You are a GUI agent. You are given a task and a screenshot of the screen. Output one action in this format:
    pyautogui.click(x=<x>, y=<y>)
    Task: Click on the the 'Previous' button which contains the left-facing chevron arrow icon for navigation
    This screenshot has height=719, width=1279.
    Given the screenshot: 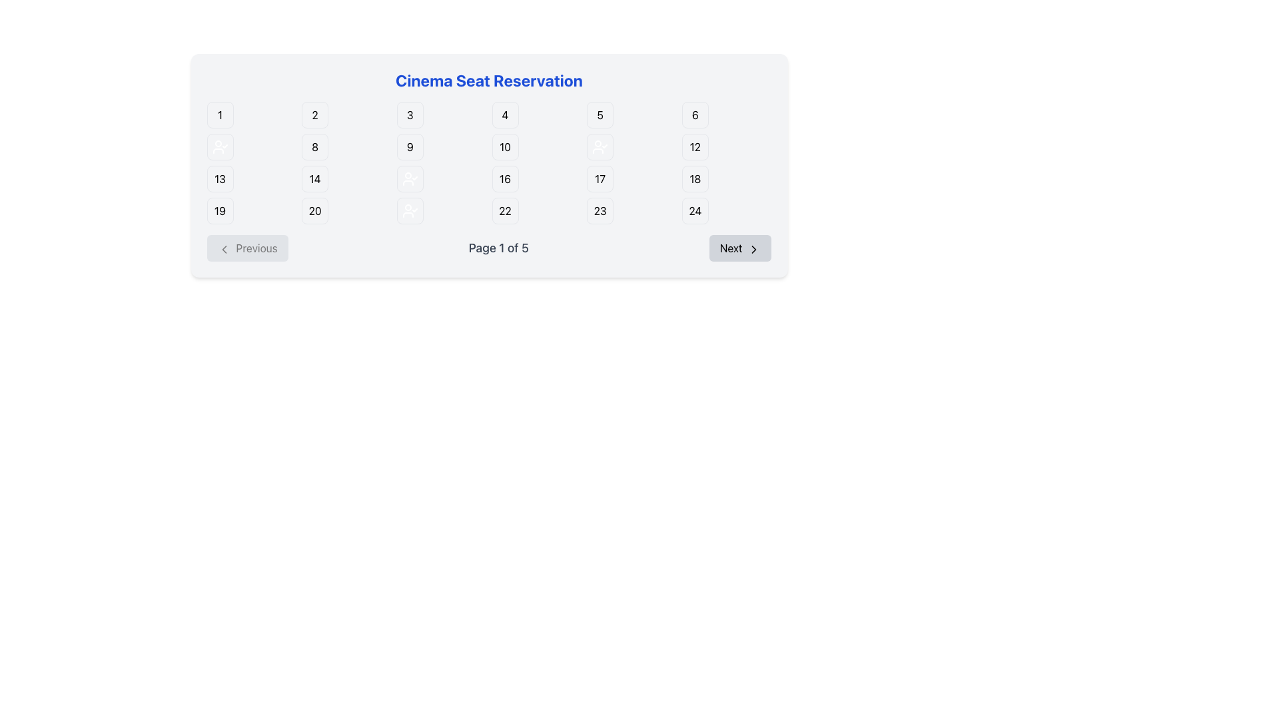 What is the action you would take?
    pyautogui.click(x=224, y=249)
    